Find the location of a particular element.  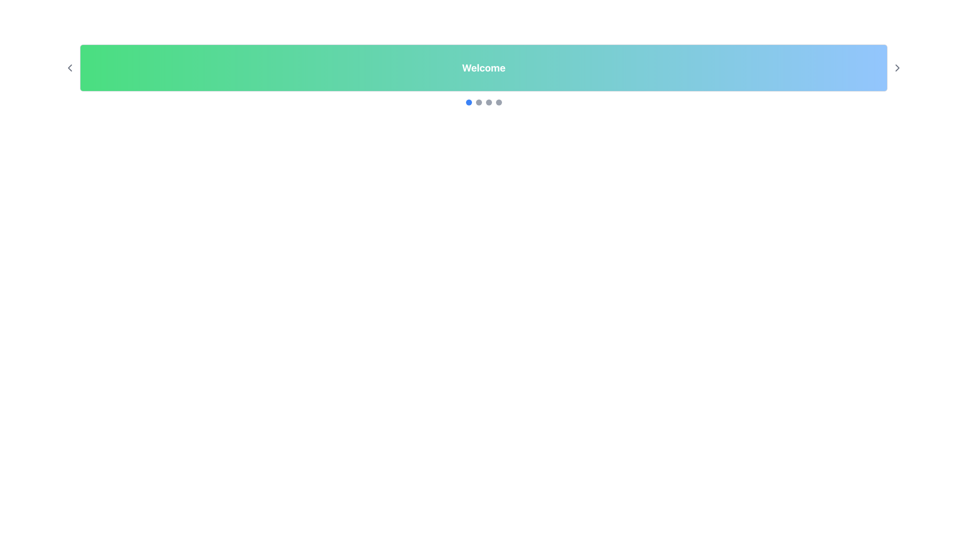

the 'Previous' button located on the far left side of the green-to-blue gradient header bar, adjacent to the 'Welcome' text is located at coordinates (69, 67).